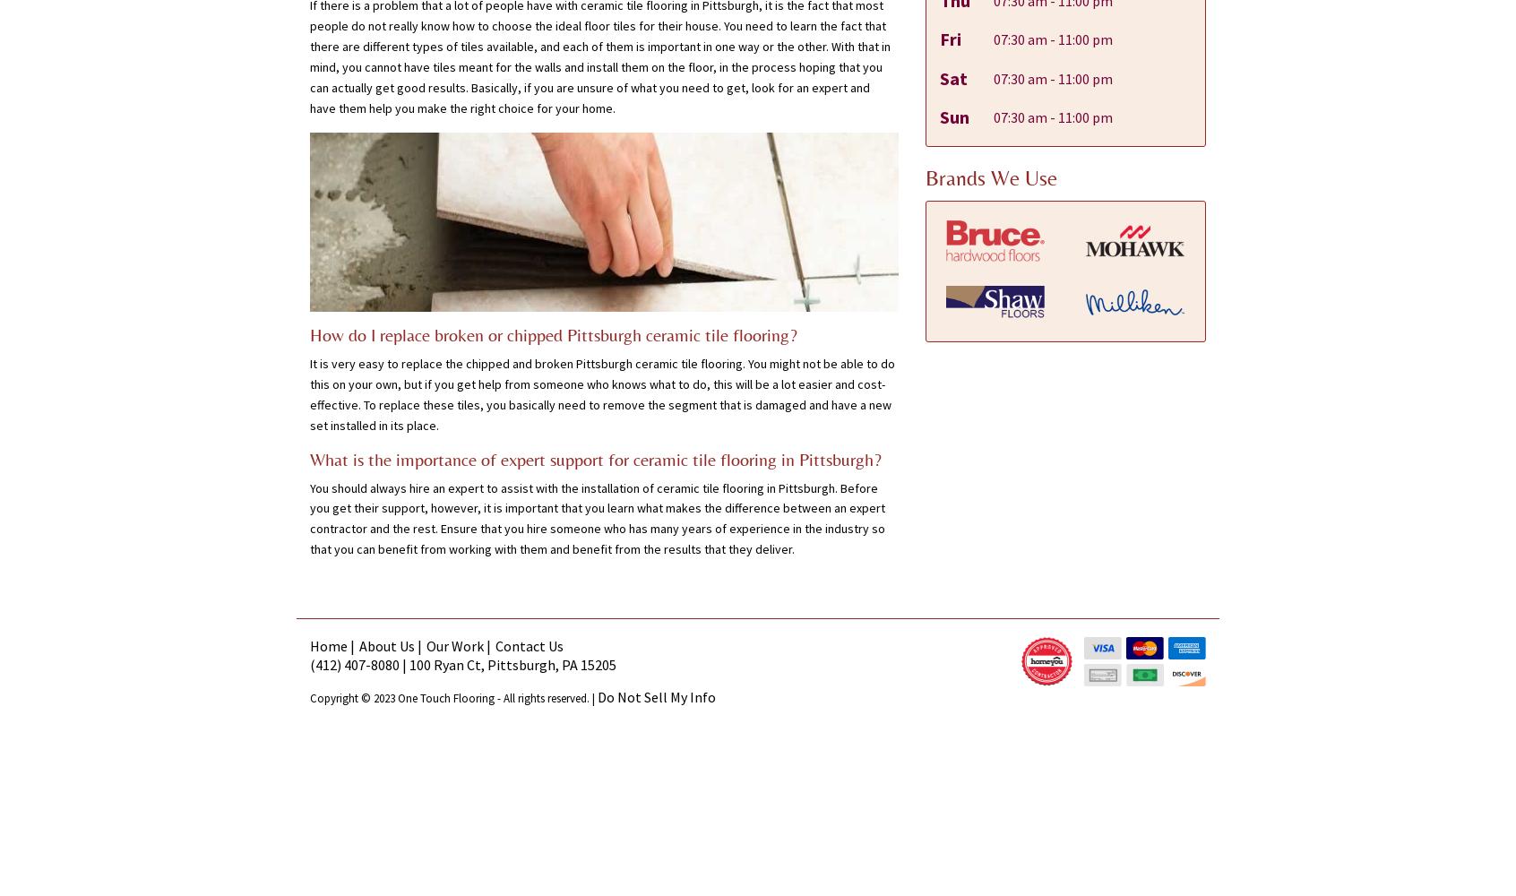 The height and width of the screenshot is (896, 1516). I want to click on 'Brands We Use', so click(990, 177).